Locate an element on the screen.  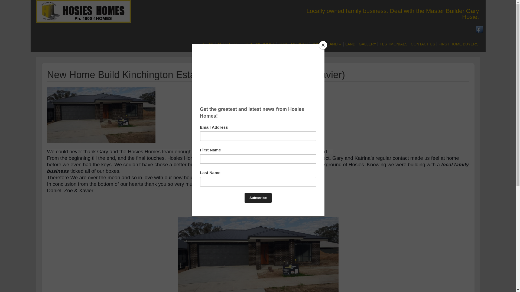
'MEET OUR TEAM' is located at coordinates (247, 56).